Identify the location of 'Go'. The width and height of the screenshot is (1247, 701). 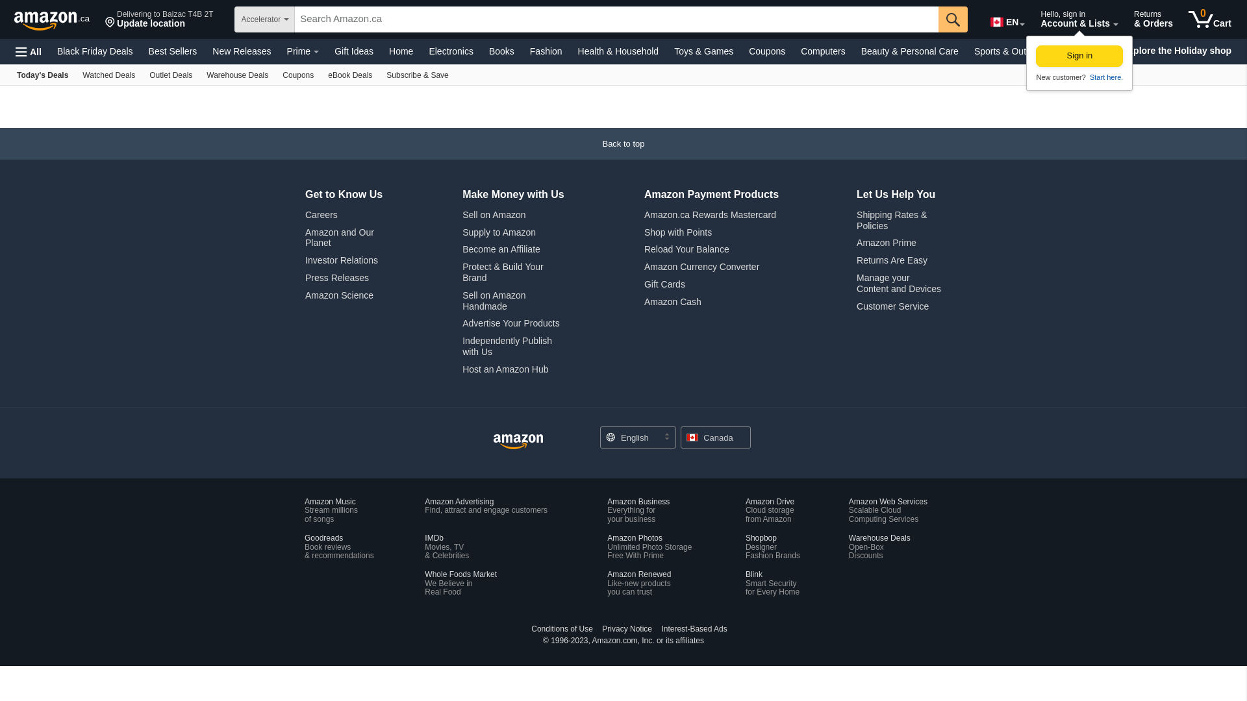
(953, 19).